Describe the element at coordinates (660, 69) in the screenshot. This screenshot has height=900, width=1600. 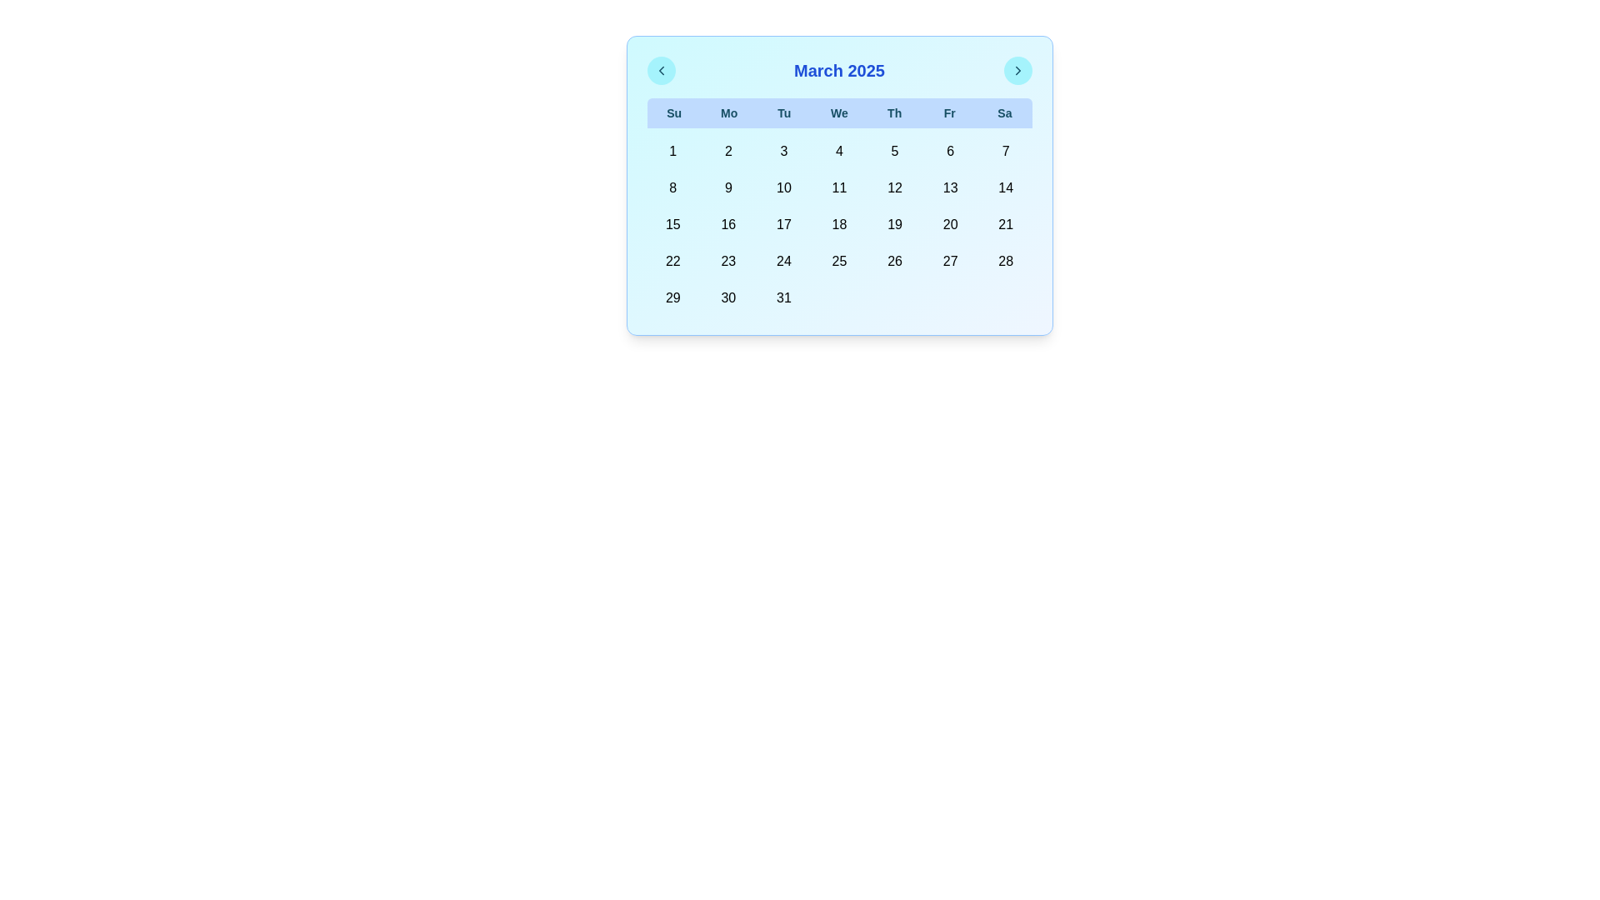
I see `the left-facing chevron icon styled in dark cyan, located in a circular button to the left of the 'March 2025' title in the navigation section of the calendar` at that location.